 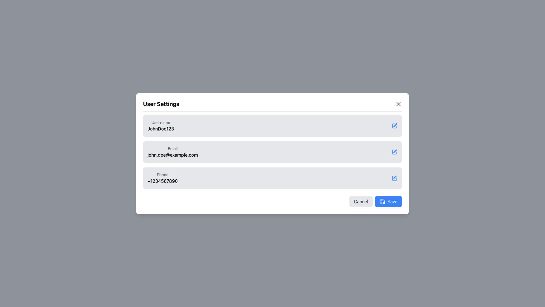 I want to click on the Static Text Display element that shows the email address 'john.doe@example.com' located in the 'User Settings' panel, so click(x=172, y=152).